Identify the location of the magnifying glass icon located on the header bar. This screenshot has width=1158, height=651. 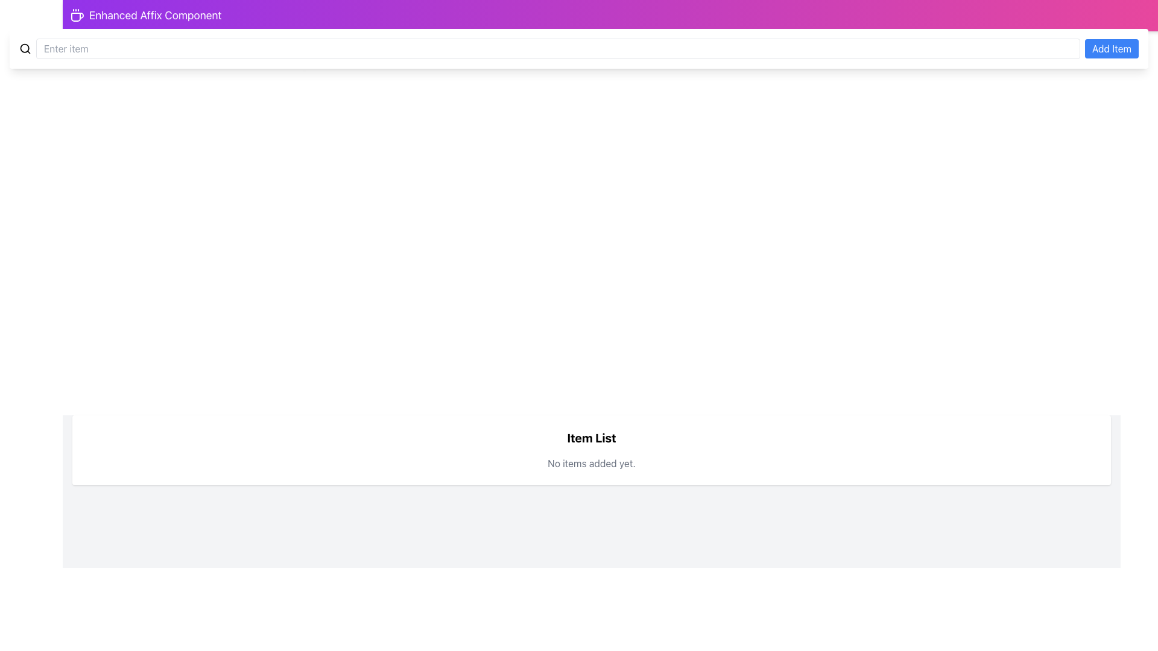
(25, 48).